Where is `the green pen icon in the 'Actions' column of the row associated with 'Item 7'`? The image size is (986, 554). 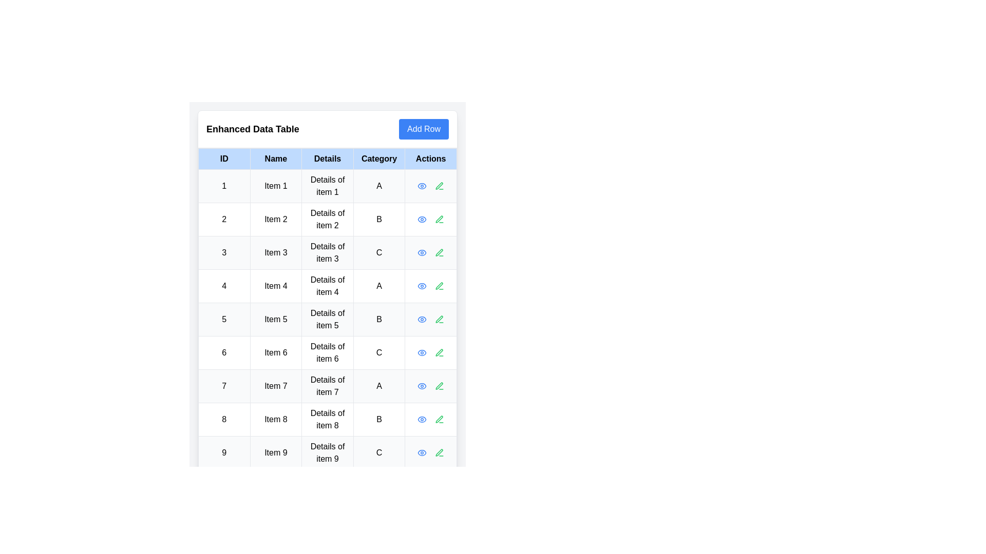
the green pen icon in the 'Actions' column of the row associated with 'Item 7' is located at coordinates (431, 386).